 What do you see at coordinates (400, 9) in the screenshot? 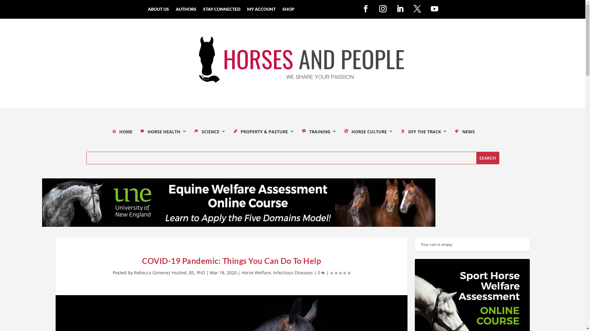
I see `'Follow on LinkedIn'` at bounding box center [400, 9].